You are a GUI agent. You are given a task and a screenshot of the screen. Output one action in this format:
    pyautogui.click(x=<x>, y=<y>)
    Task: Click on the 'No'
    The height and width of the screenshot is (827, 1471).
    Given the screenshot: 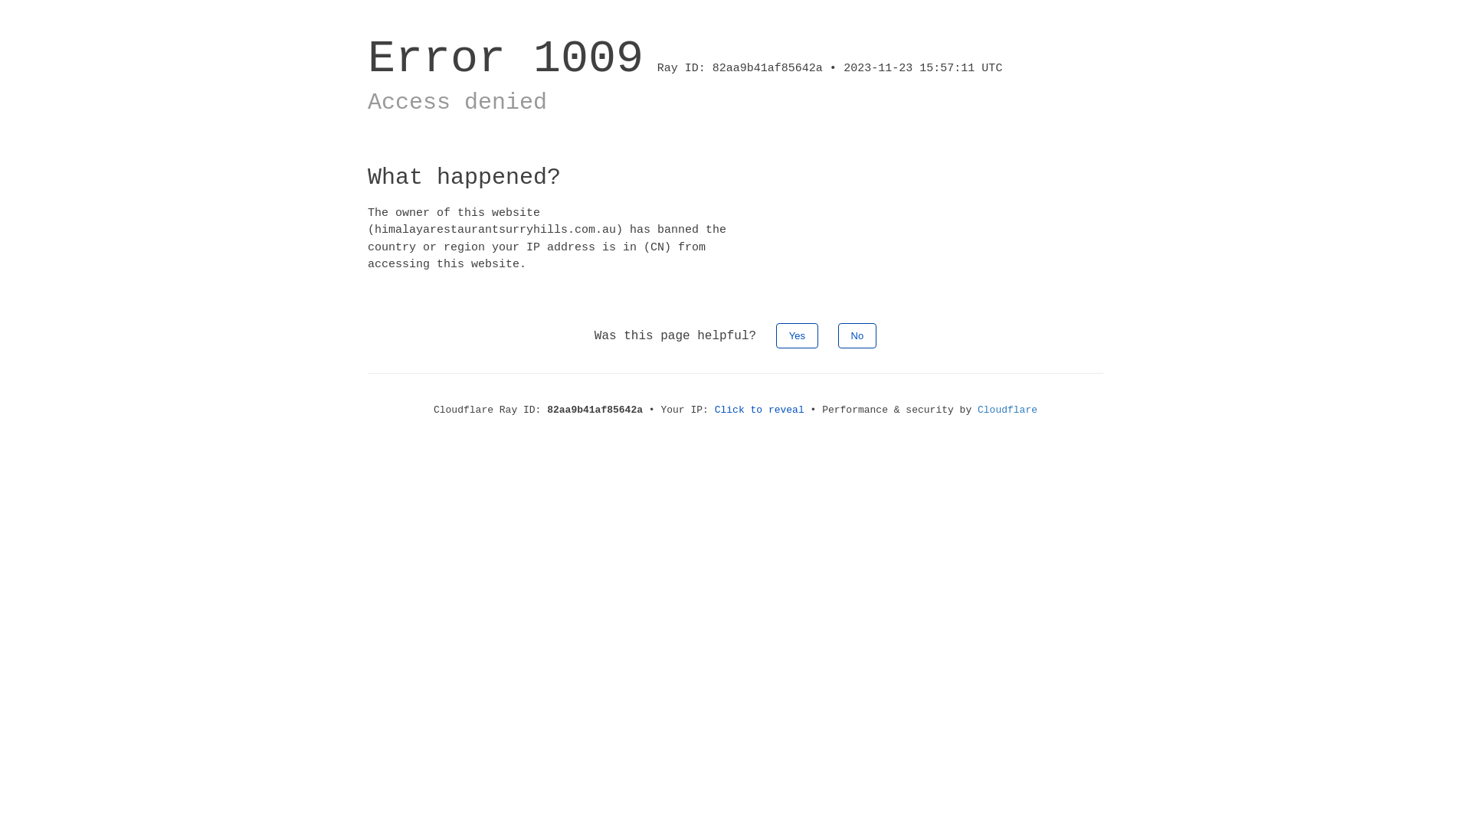 What is the action you would take?
    pyautogui.click(x=857, y=335)
    